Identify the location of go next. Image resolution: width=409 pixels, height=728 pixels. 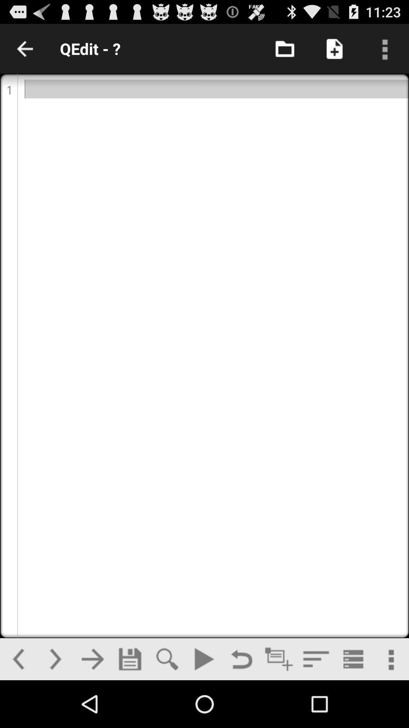
(55, 659).